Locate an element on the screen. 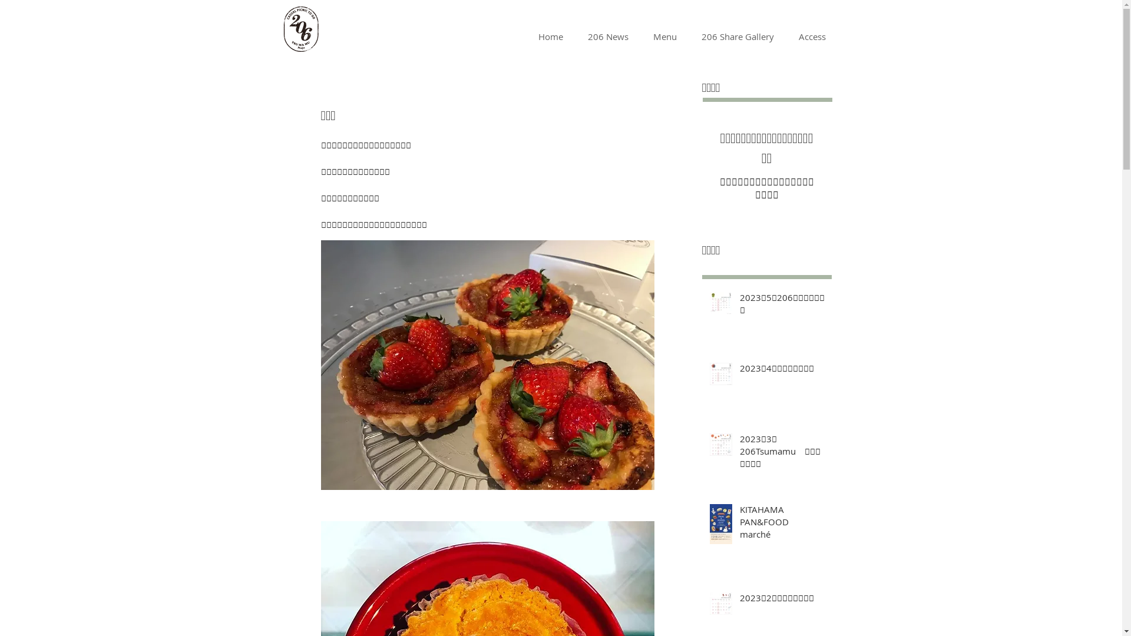 This screenshot has width=1131, height=636. '206 News' is located at coordinates (607, 35).